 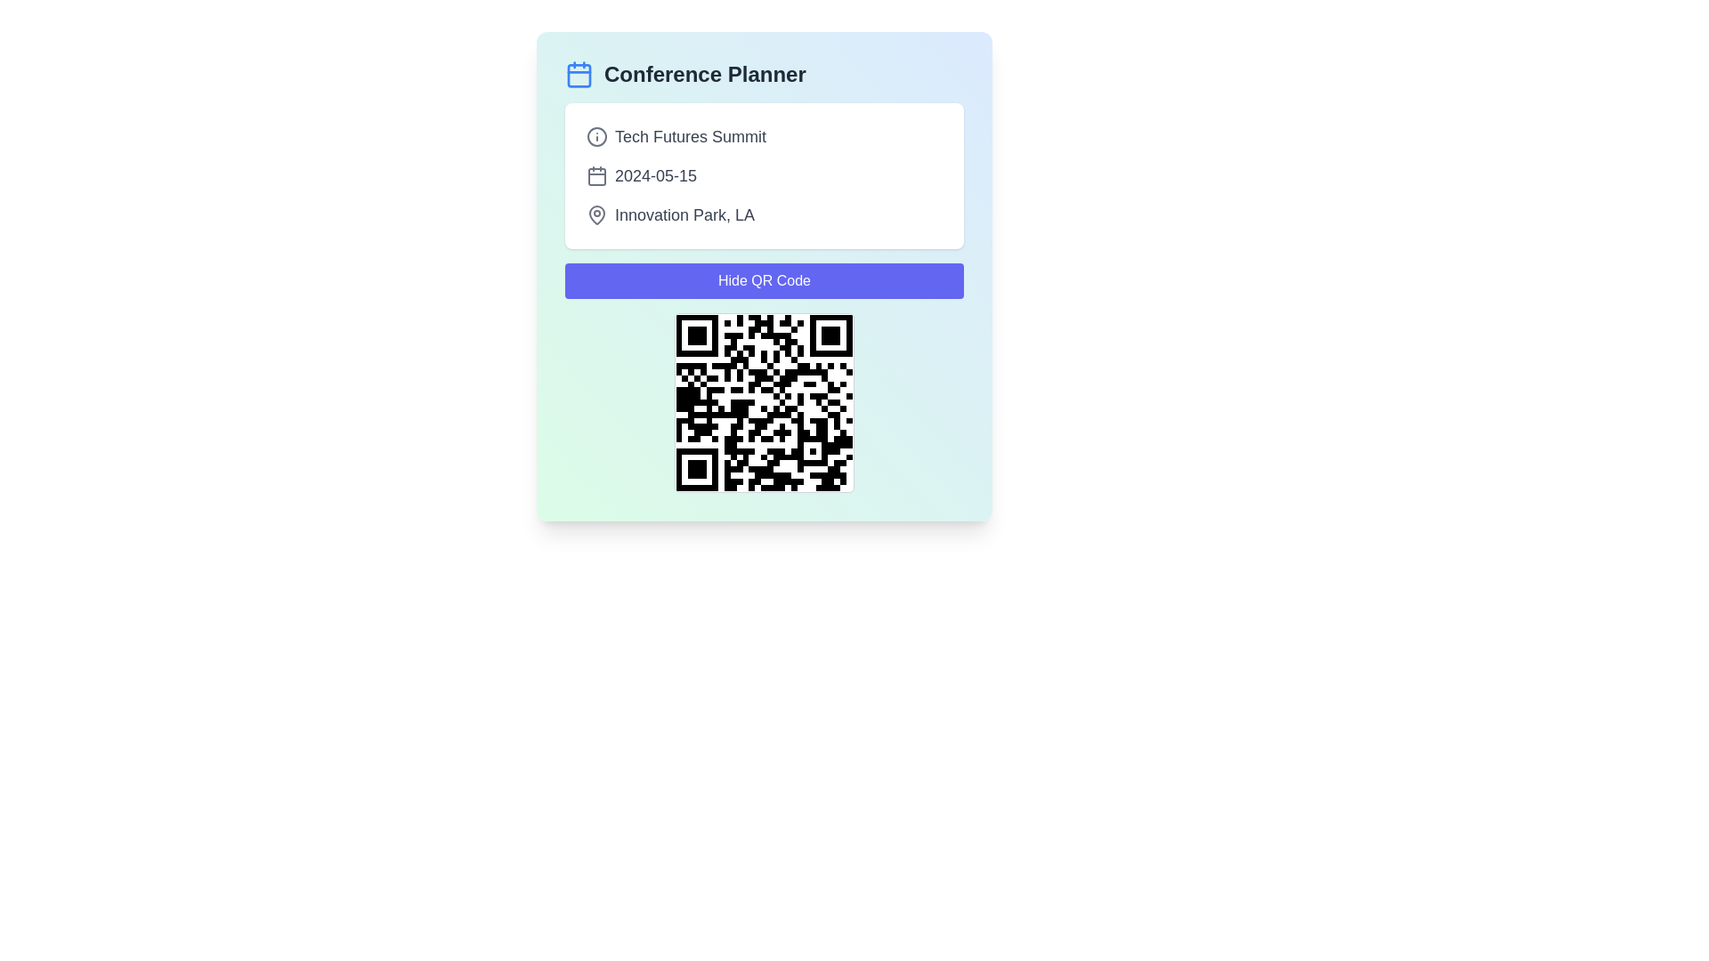 What do you see at coordinates (765, 136) in the screenshot?
I see `text displayed in the Label with icon that shows 'Tech Futures Summit', which is located centrally on the white card above the date '2024-05-15'` at bounding box center [765, 136].